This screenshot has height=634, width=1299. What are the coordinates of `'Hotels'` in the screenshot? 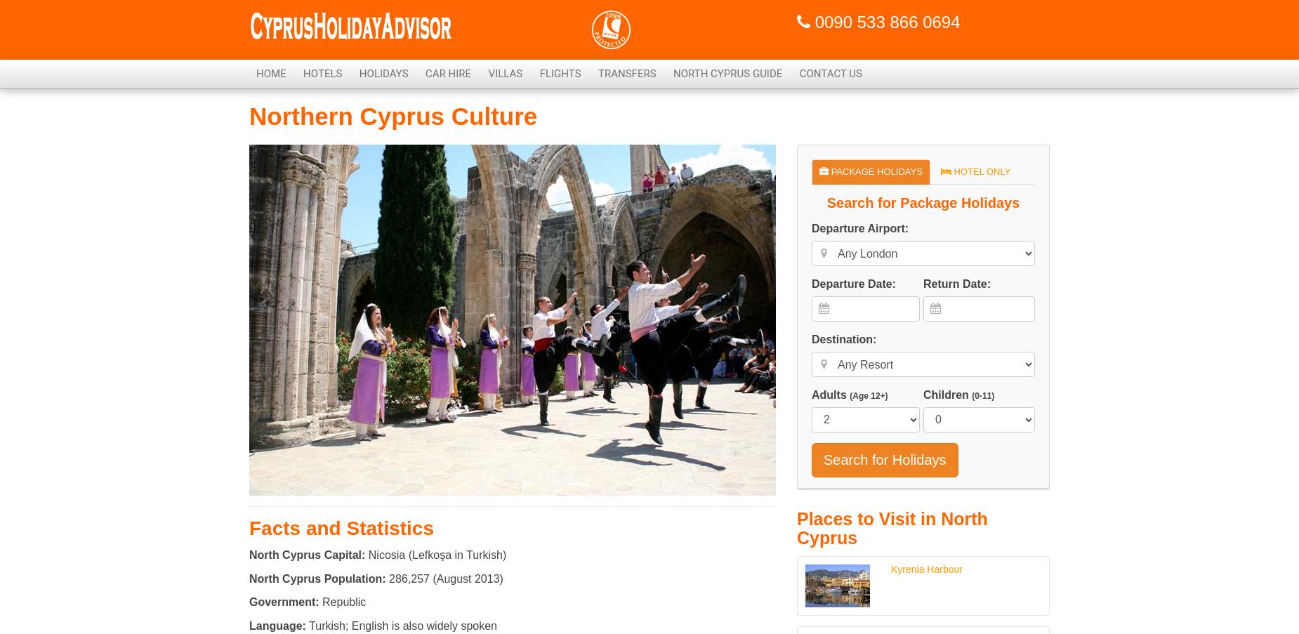 It's located at (302, 74).